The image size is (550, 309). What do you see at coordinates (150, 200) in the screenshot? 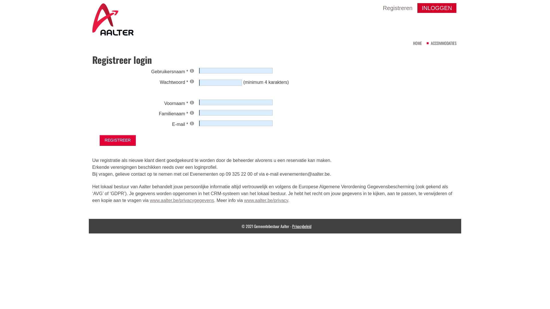
I see `'www.aalter.be/privacygegevens'` at bounding box center [150, 200].